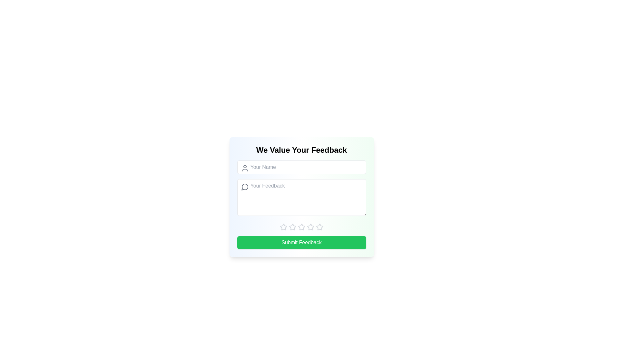  I want to click on the second interactive star in the rating component, so click(292, 227).